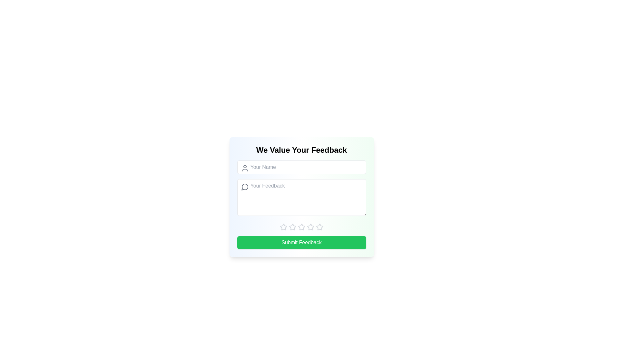  I want to click on the second interactive star in the rating component, so click(292, 227).